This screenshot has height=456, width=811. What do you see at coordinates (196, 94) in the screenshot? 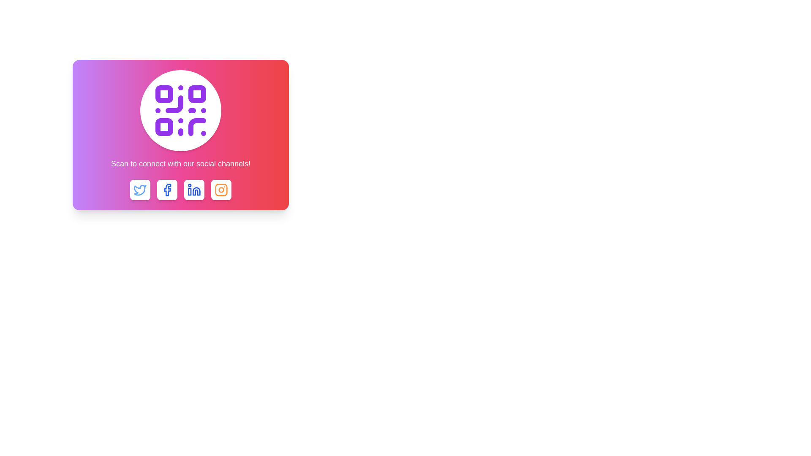
I see `the second SVG rectangular shape located at the top right corner of the circular QR code design, which is part of a decorative QR code icon` at bounding box center [196, 94].